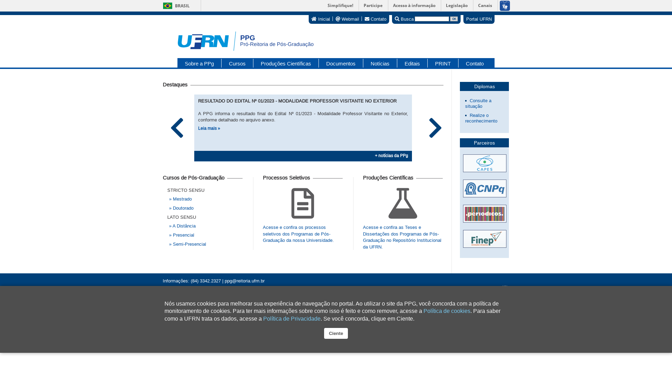 This screenshot has height=378, width=672. I want to click on 'Documentos', so click(341, 63).